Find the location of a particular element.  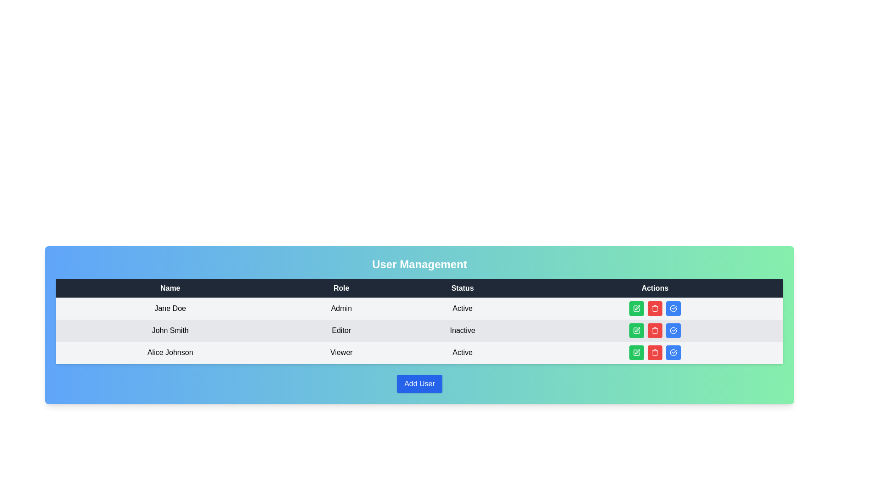

the Static Text Label indicating the user's role as 'Admin', located in the second cell from the left in the 'Role' column of the user table, aligned with 'Jane Doe' in the second row is located at coordinates (341, 308).